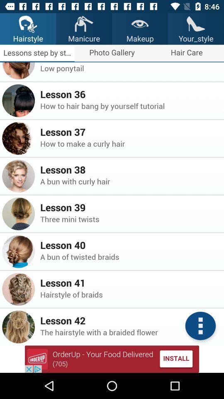 Image resolution: width=224 pixels, height=399 pixels. Describe the element at coordinates (129, 219) in the screenshot. I see `the app above lesson 40 icon` at that location.